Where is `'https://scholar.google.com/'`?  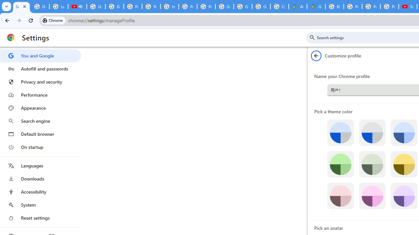
'https://scholar.google.com/' is located at coordinates (170, 7).